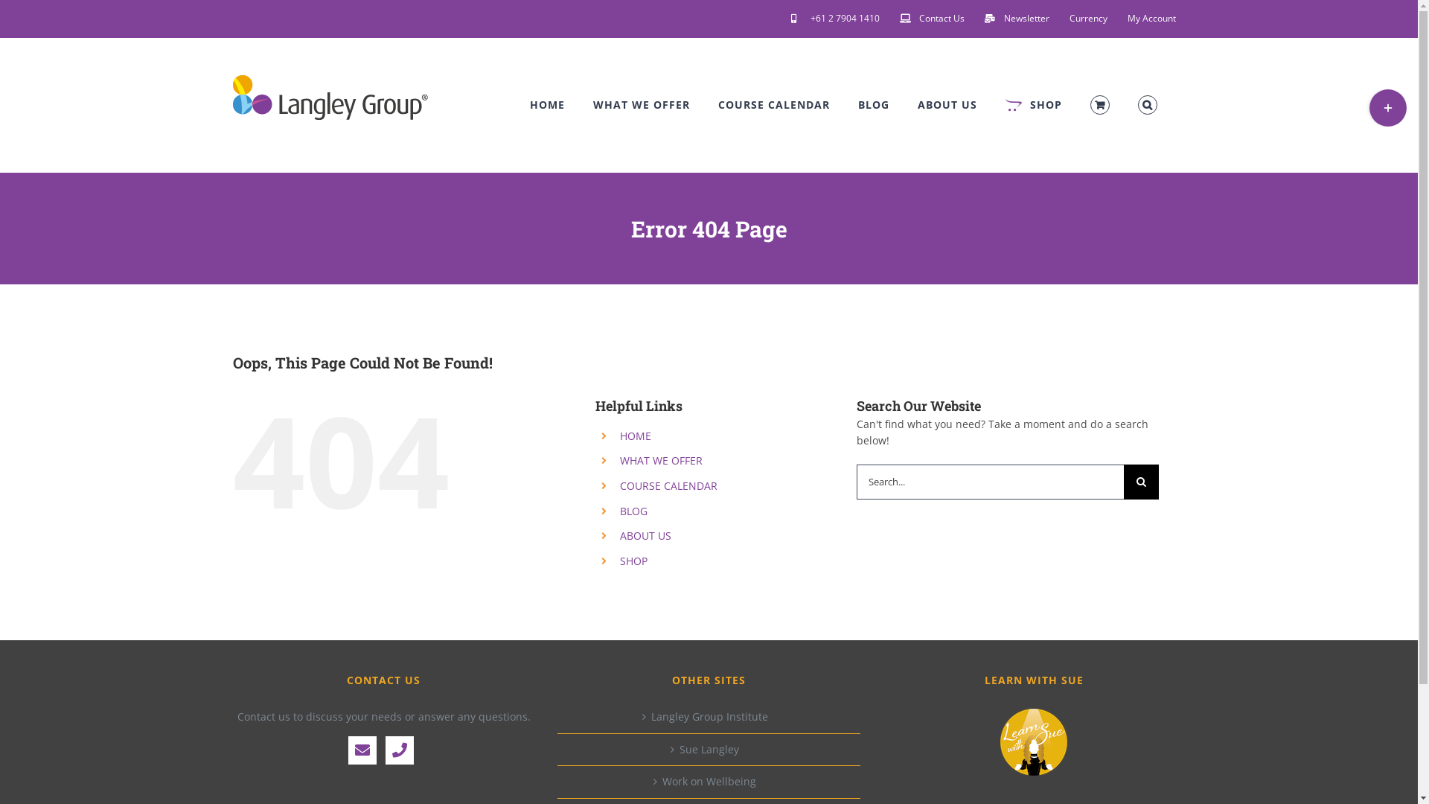 Image resolution: width=1429 pixels, height=804 pixels. I want to click on '+61 2 7904 1410', so click(835, 18).